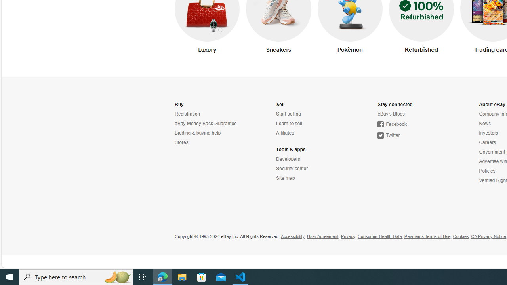 The width and height of the screenshot is (507, 285). I want to click on 'Bidding & buying help', so click(198, 133).